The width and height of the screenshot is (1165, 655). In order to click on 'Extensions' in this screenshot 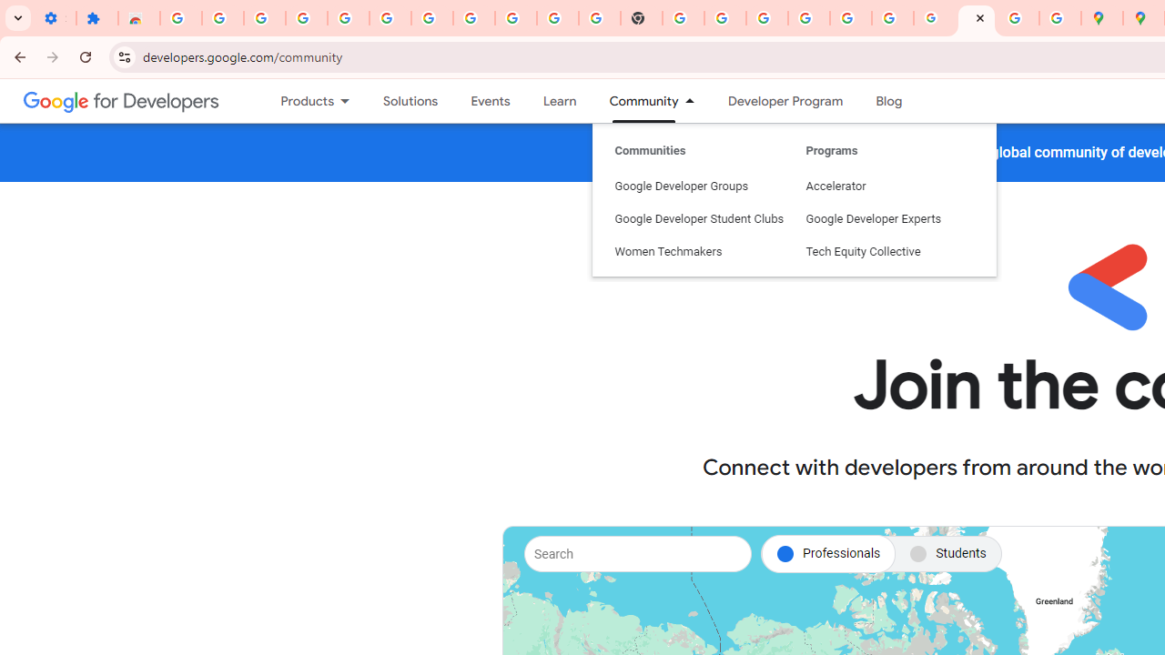, I will do `click(96, 18)`.